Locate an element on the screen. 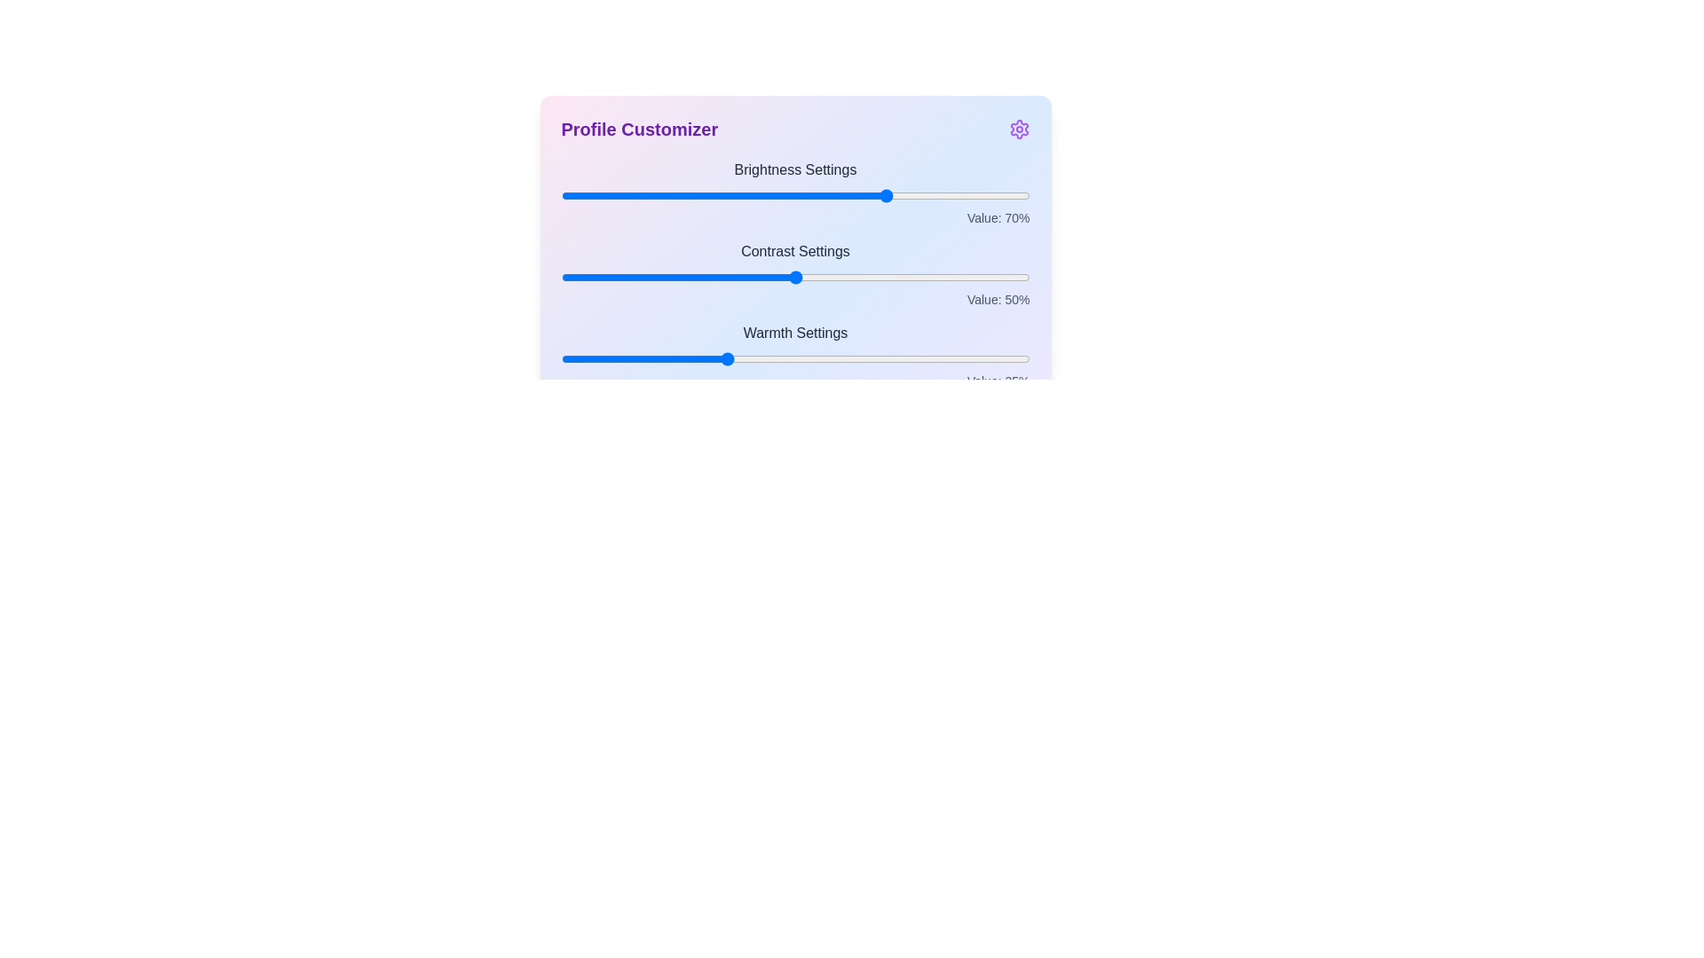  the 1 slider to 57% is located at coordinates (827, 277).